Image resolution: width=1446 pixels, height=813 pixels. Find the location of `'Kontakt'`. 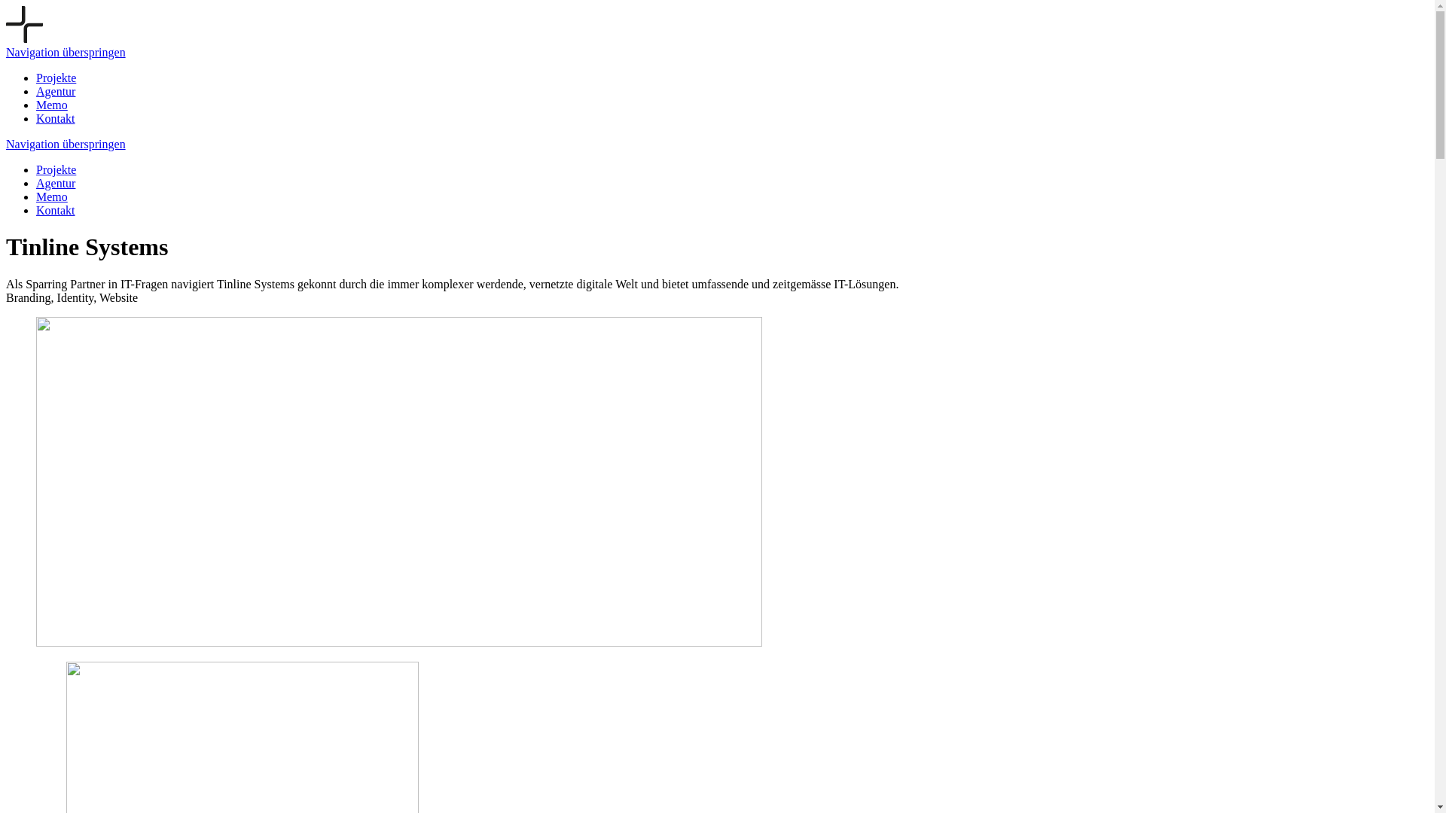

'Kontakt' is located at coordinates (55, 117).